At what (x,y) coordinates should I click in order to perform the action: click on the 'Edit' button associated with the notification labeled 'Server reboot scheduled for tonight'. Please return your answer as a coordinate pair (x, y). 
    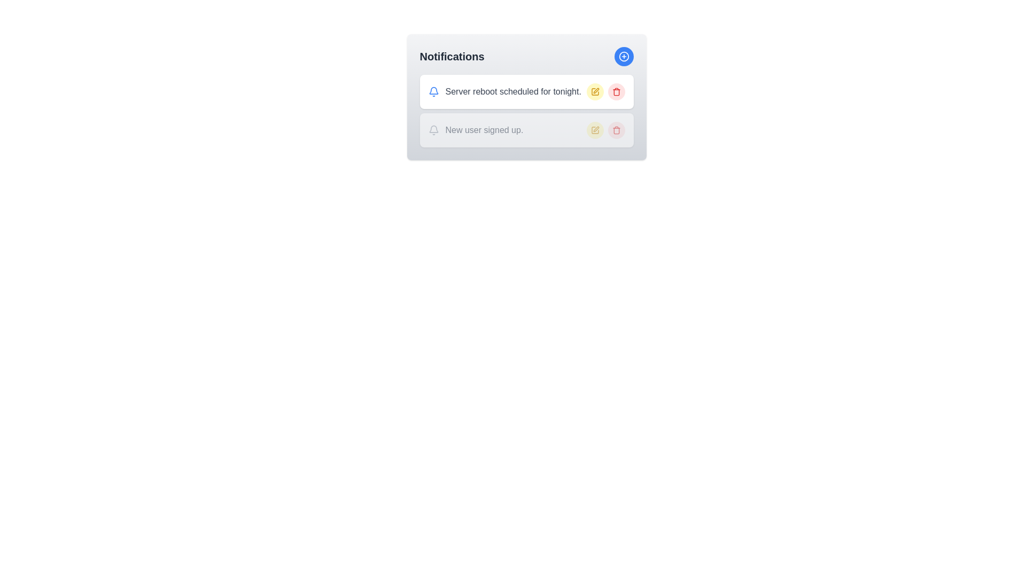
    Looking at the image, I should click on (594, 91).